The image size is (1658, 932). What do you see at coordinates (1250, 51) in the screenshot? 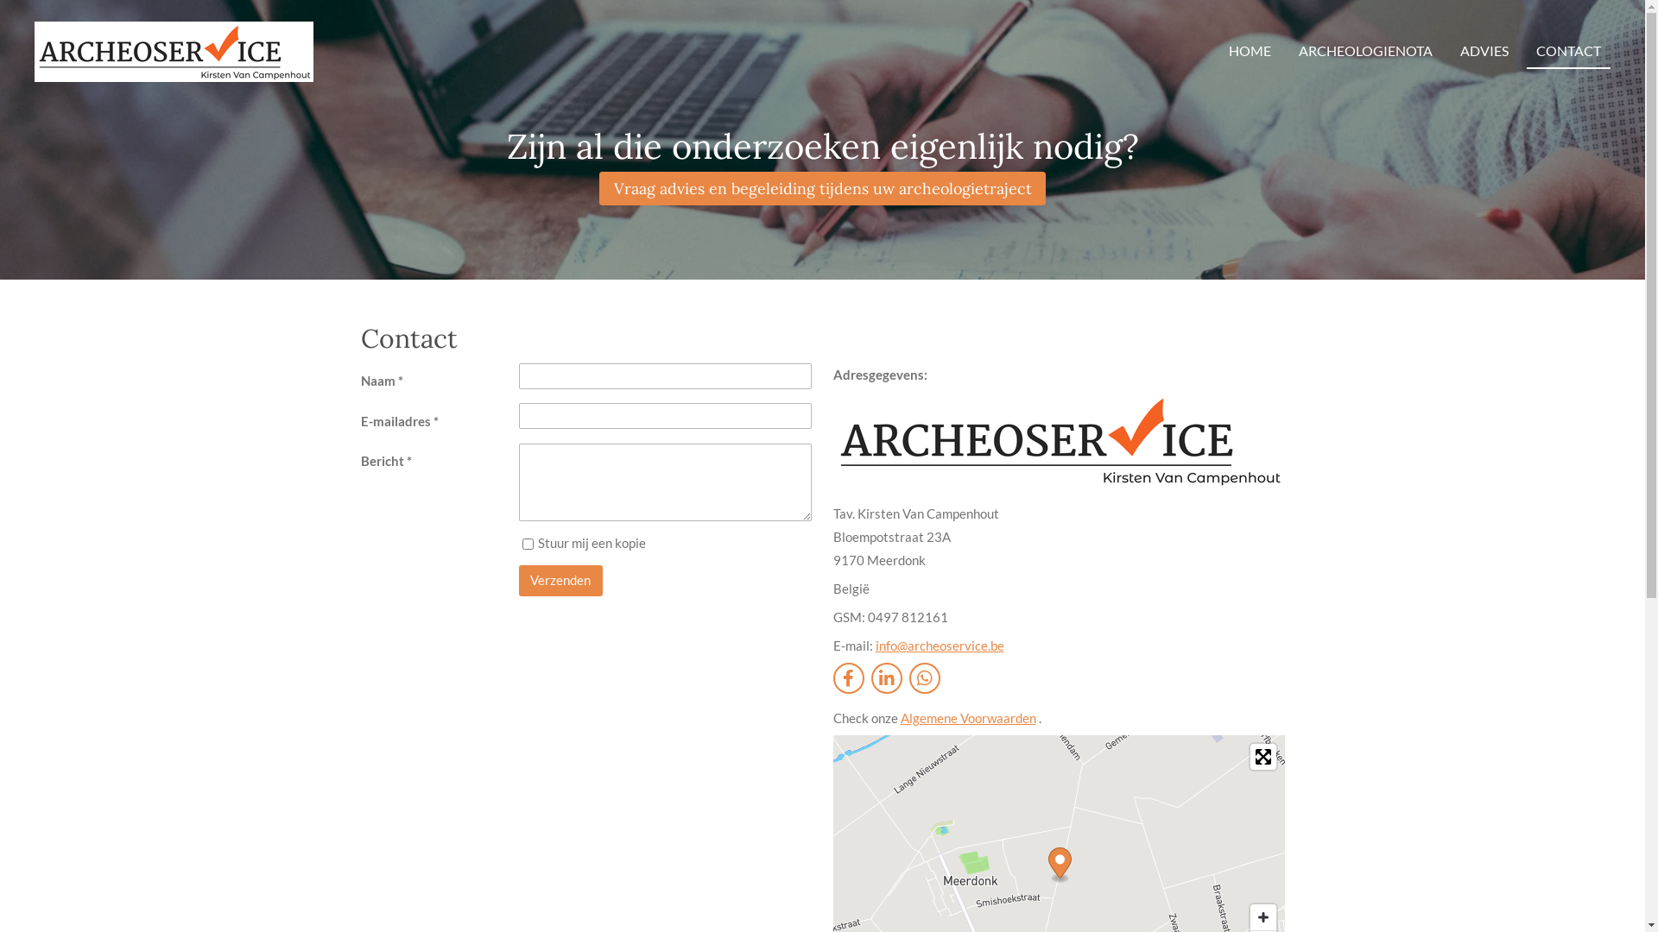
I see `'HOME'` at bounding box center [1250, 51].